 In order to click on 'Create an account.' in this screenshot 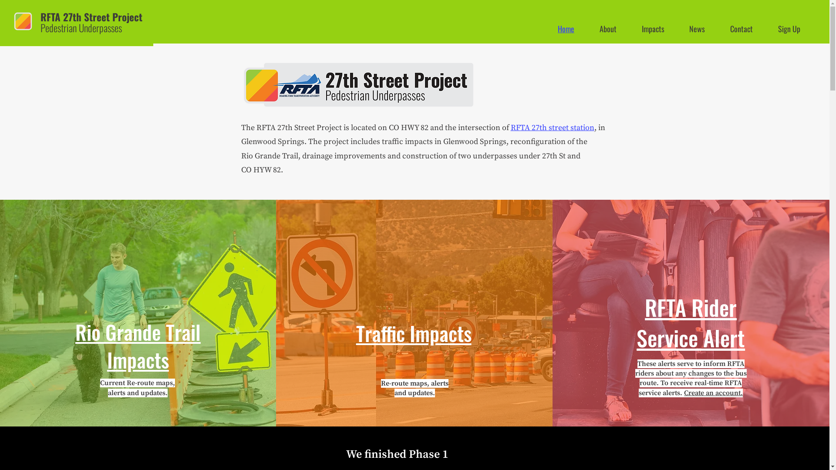, I will do `click(713, 393)`.